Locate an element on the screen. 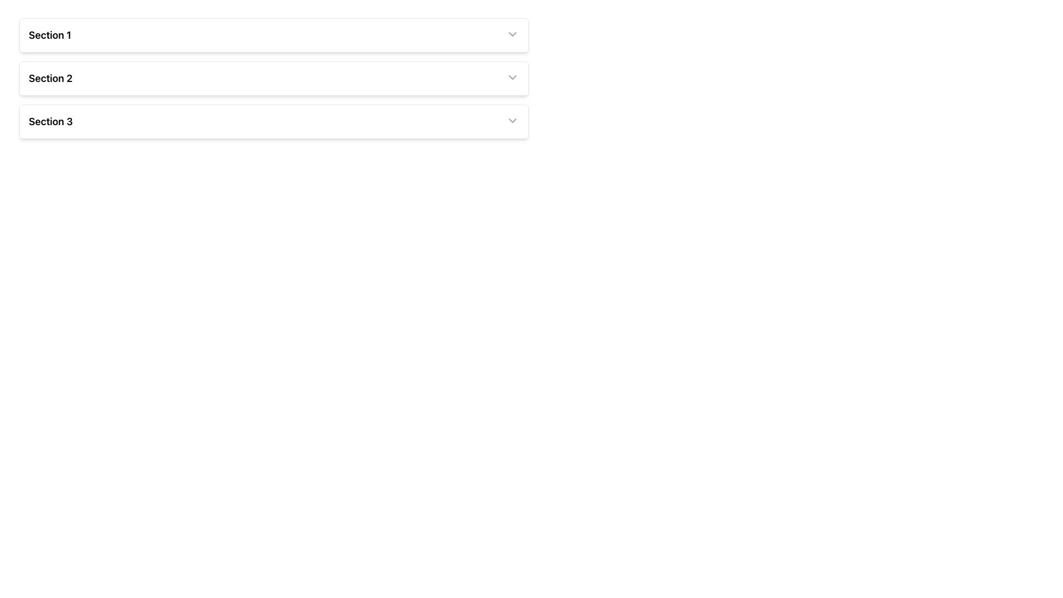 The width and height of the screenshot is (1063, 598). the CollapsibleSectionHeader labeled 'Section 3' is located at coordinates (274, 121).